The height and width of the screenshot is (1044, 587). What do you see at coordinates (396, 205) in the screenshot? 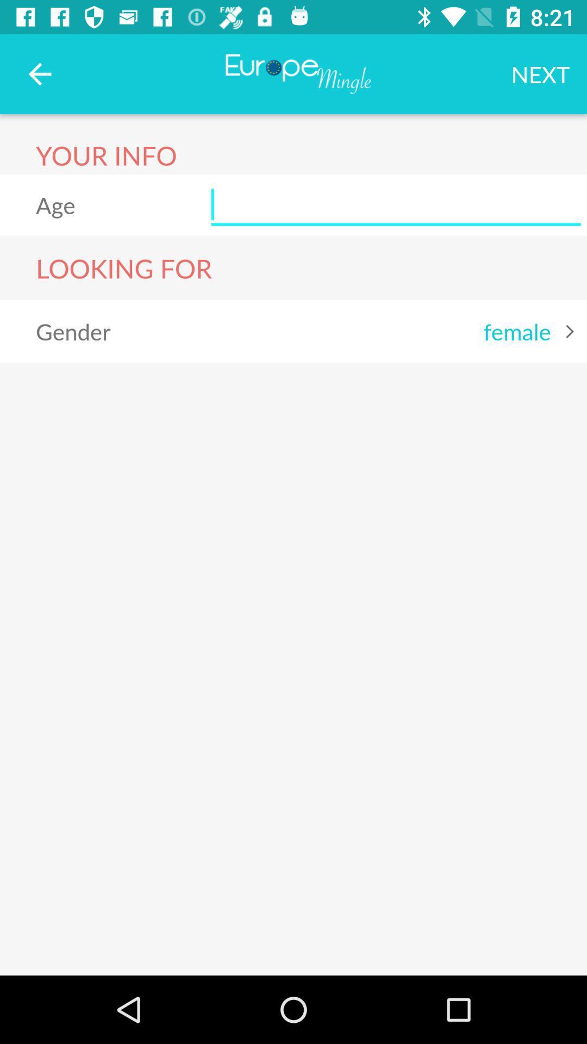
I see `icon below the next` at bounding box center [396, 205].